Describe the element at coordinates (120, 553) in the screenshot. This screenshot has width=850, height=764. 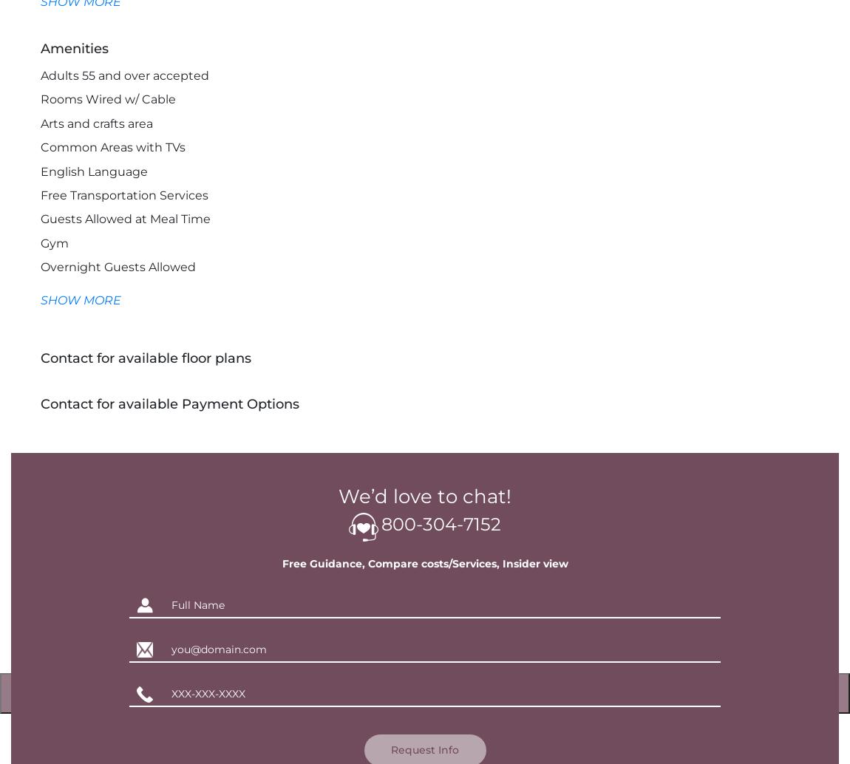
I see `'Laundry Services for Linens'` at that location.